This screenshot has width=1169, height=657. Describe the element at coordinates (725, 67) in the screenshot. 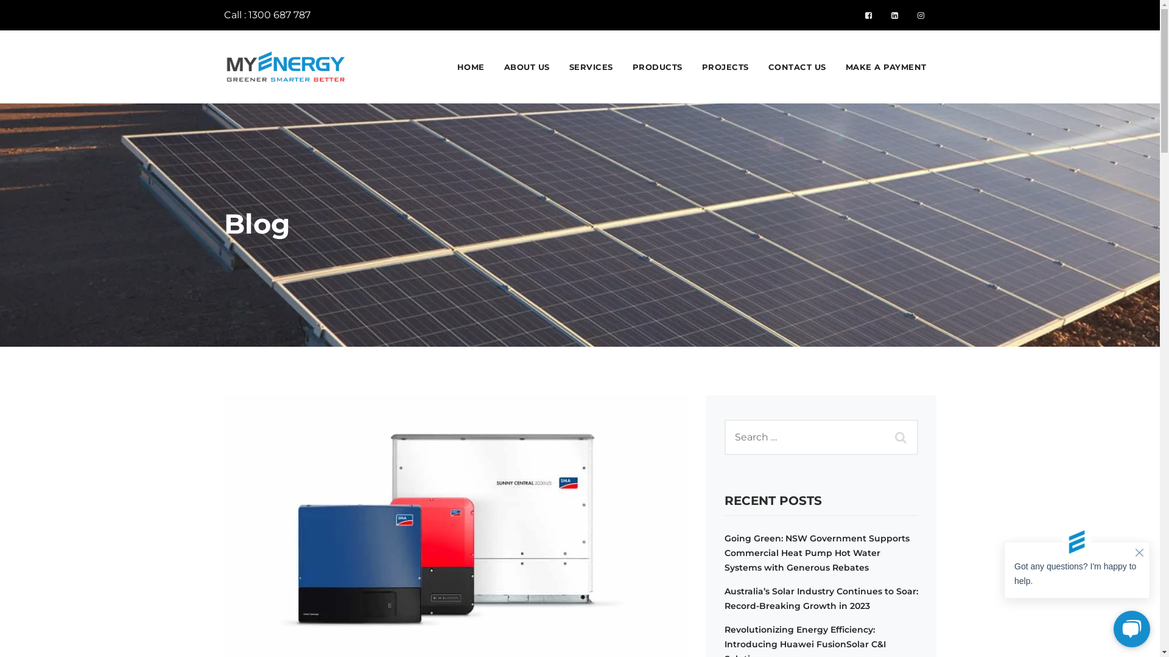

I see `'PROJECTS'` at that location.